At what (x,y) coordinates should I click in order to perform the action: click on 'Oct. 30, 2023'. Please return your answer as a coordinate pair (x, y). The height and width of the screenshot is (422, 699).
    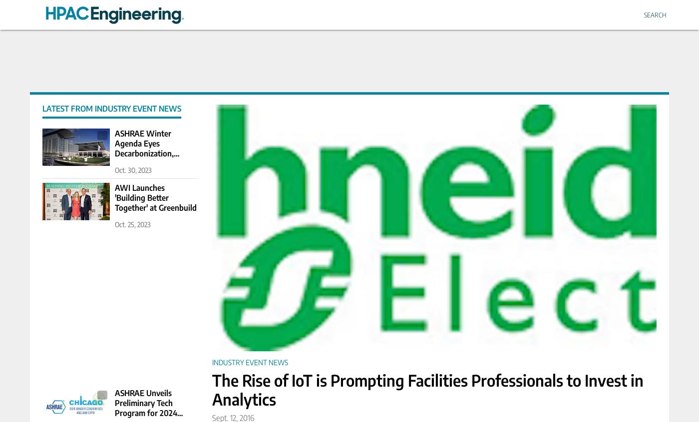
    Looking at the image, I should click on (115, 170).